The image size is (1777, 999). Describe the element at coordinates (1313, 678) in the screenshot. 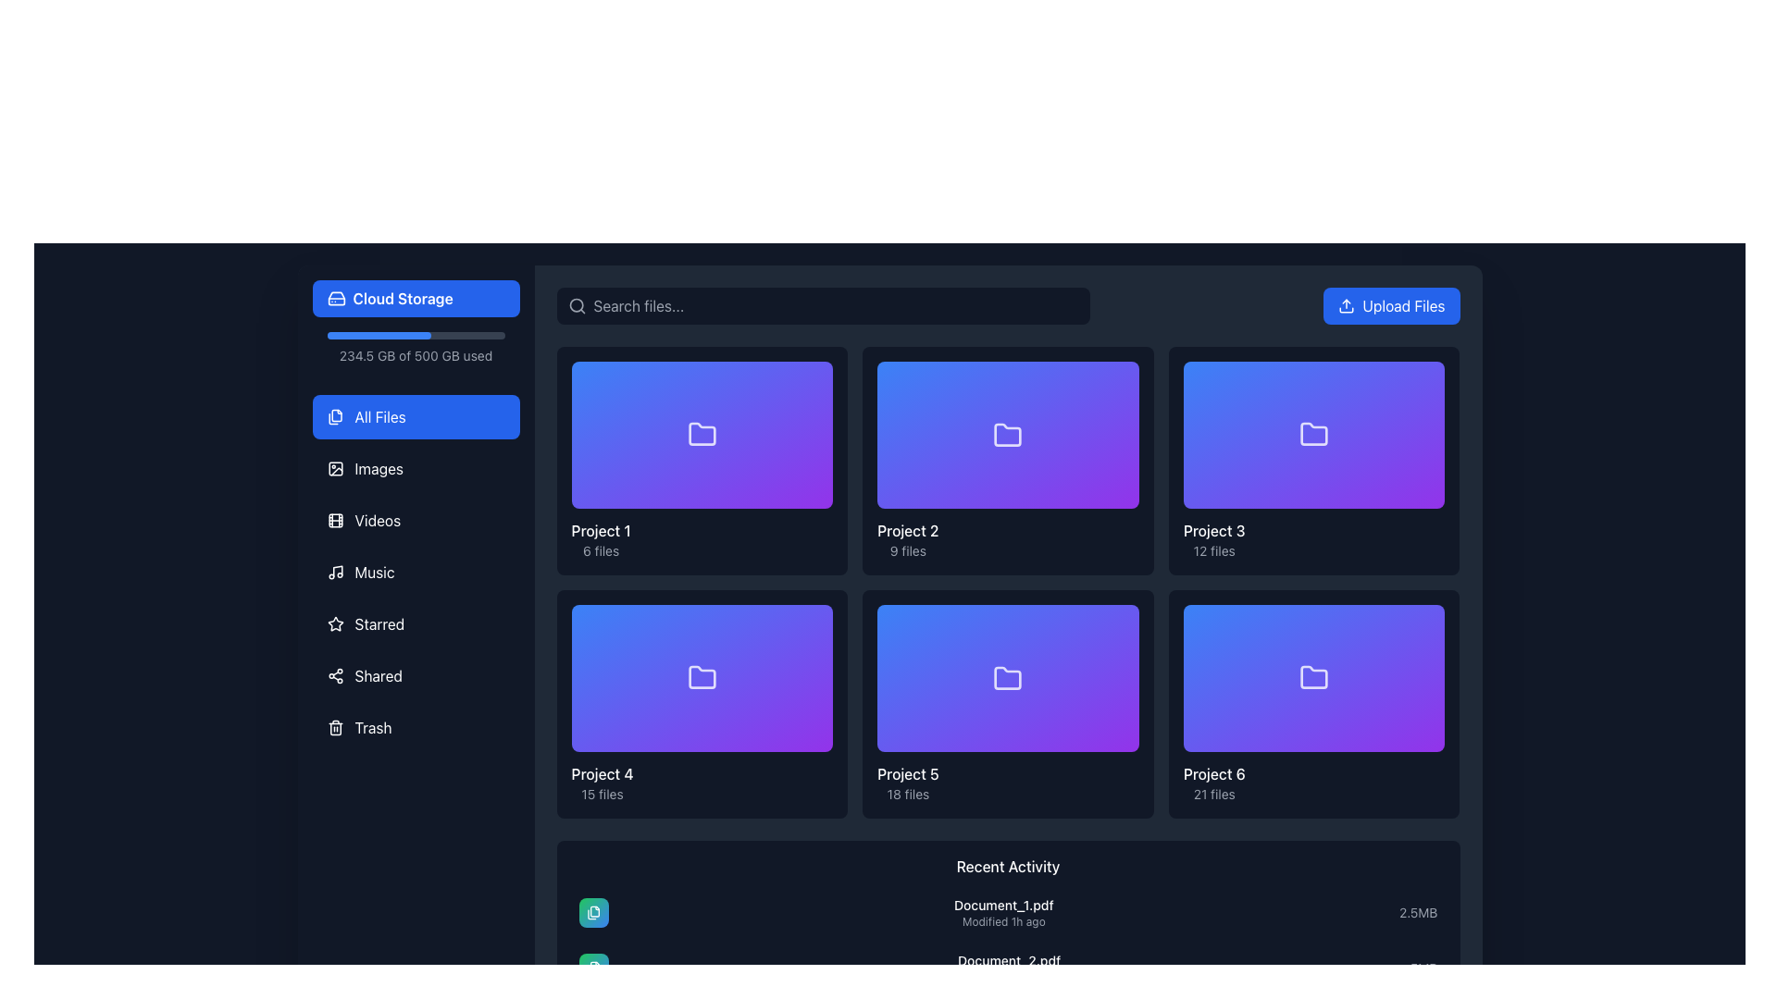

I see `the folder icon in the 'Project 6 - 21 files' card` at that location.